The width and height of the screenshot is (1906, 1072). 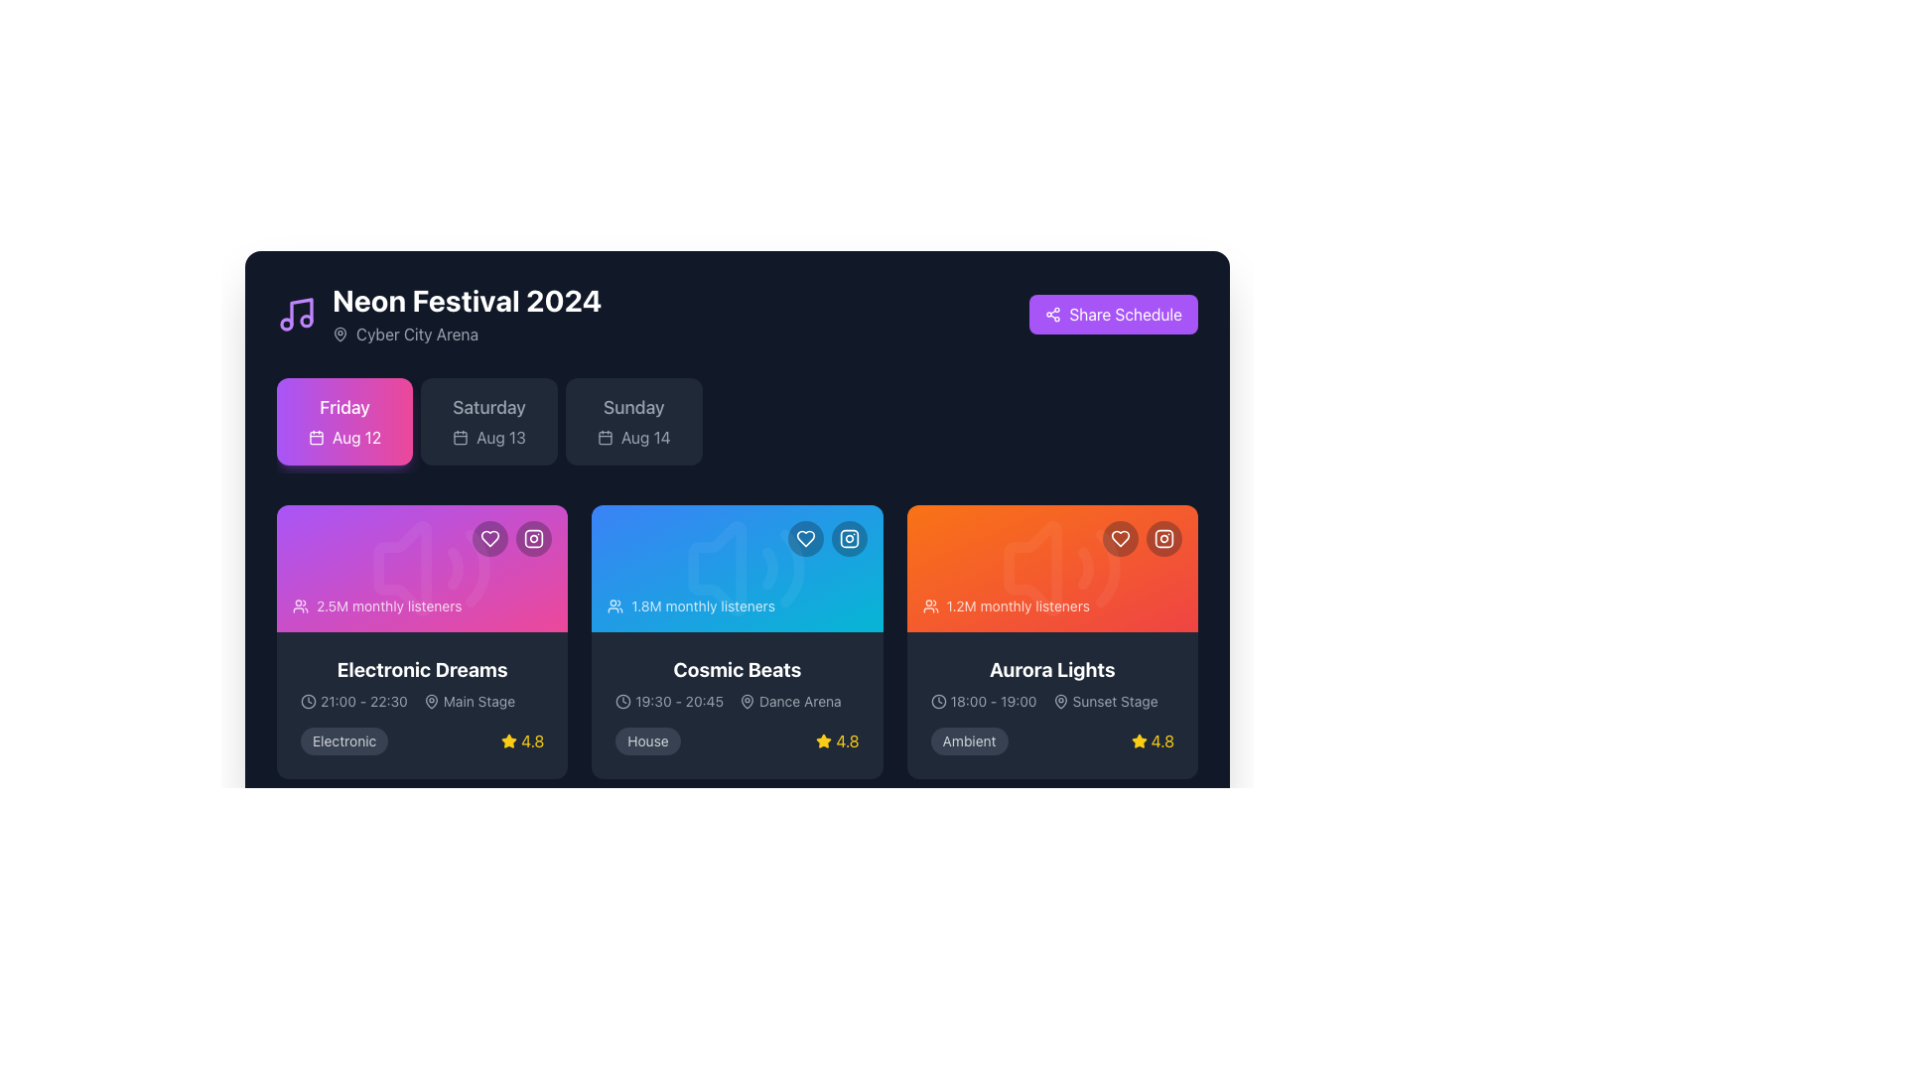 I want to click on the Label with an icon and text that represents the scheduled time for the 'Cosmic Beats' event, located to the left of the text 'Dance Arena', so click(x=669, y=700).